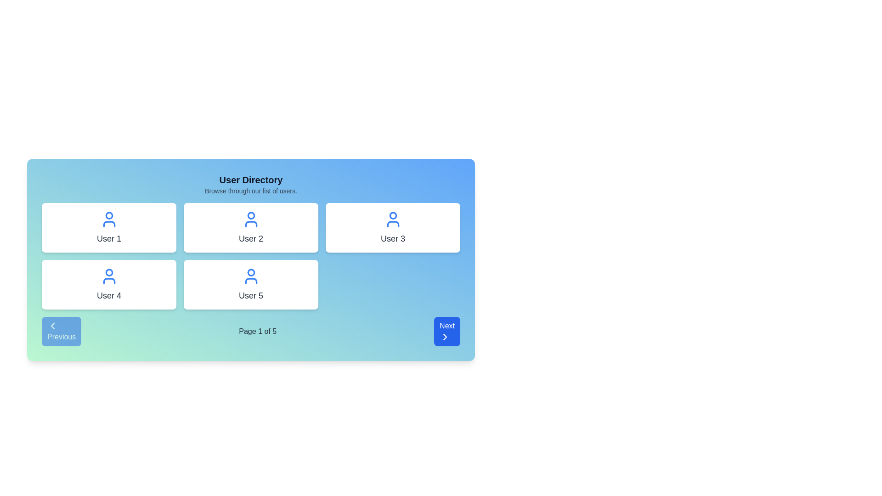 The height and width of the screenshot is (496, 882). I want to click on the user icon represented by a circular SVG element with a blue outline, located in the 'User 3' card in the second row and third column of the interface grid, so click(393, 215).